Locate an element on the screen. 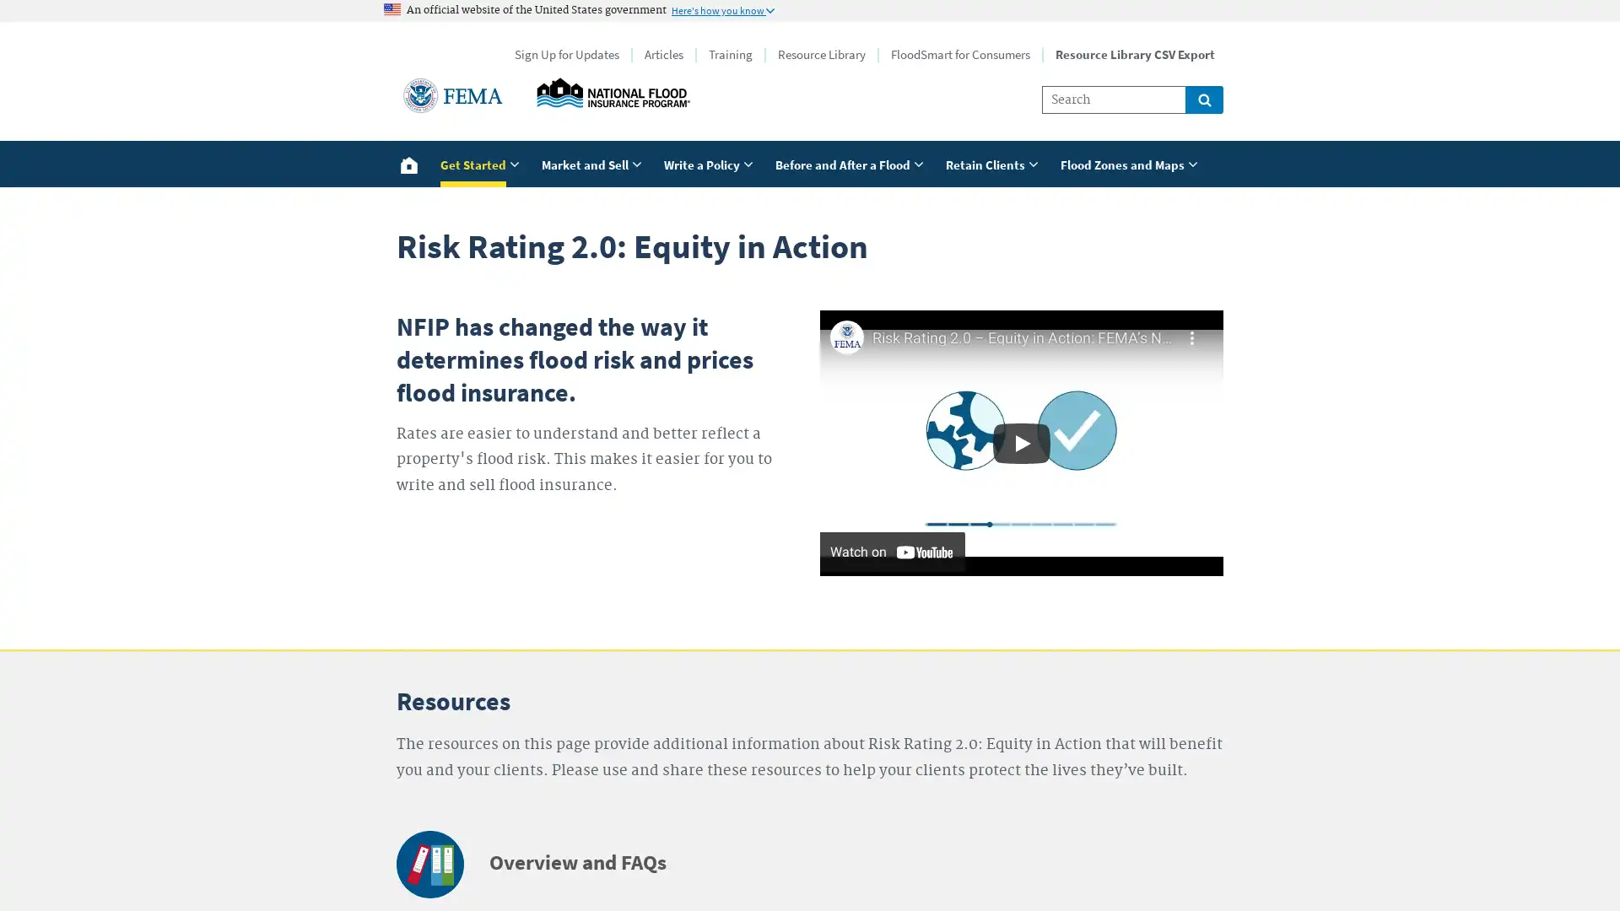 The height and width of the screenshot is (911, 1620). Here's how you know is located at coordinates (723, 9).